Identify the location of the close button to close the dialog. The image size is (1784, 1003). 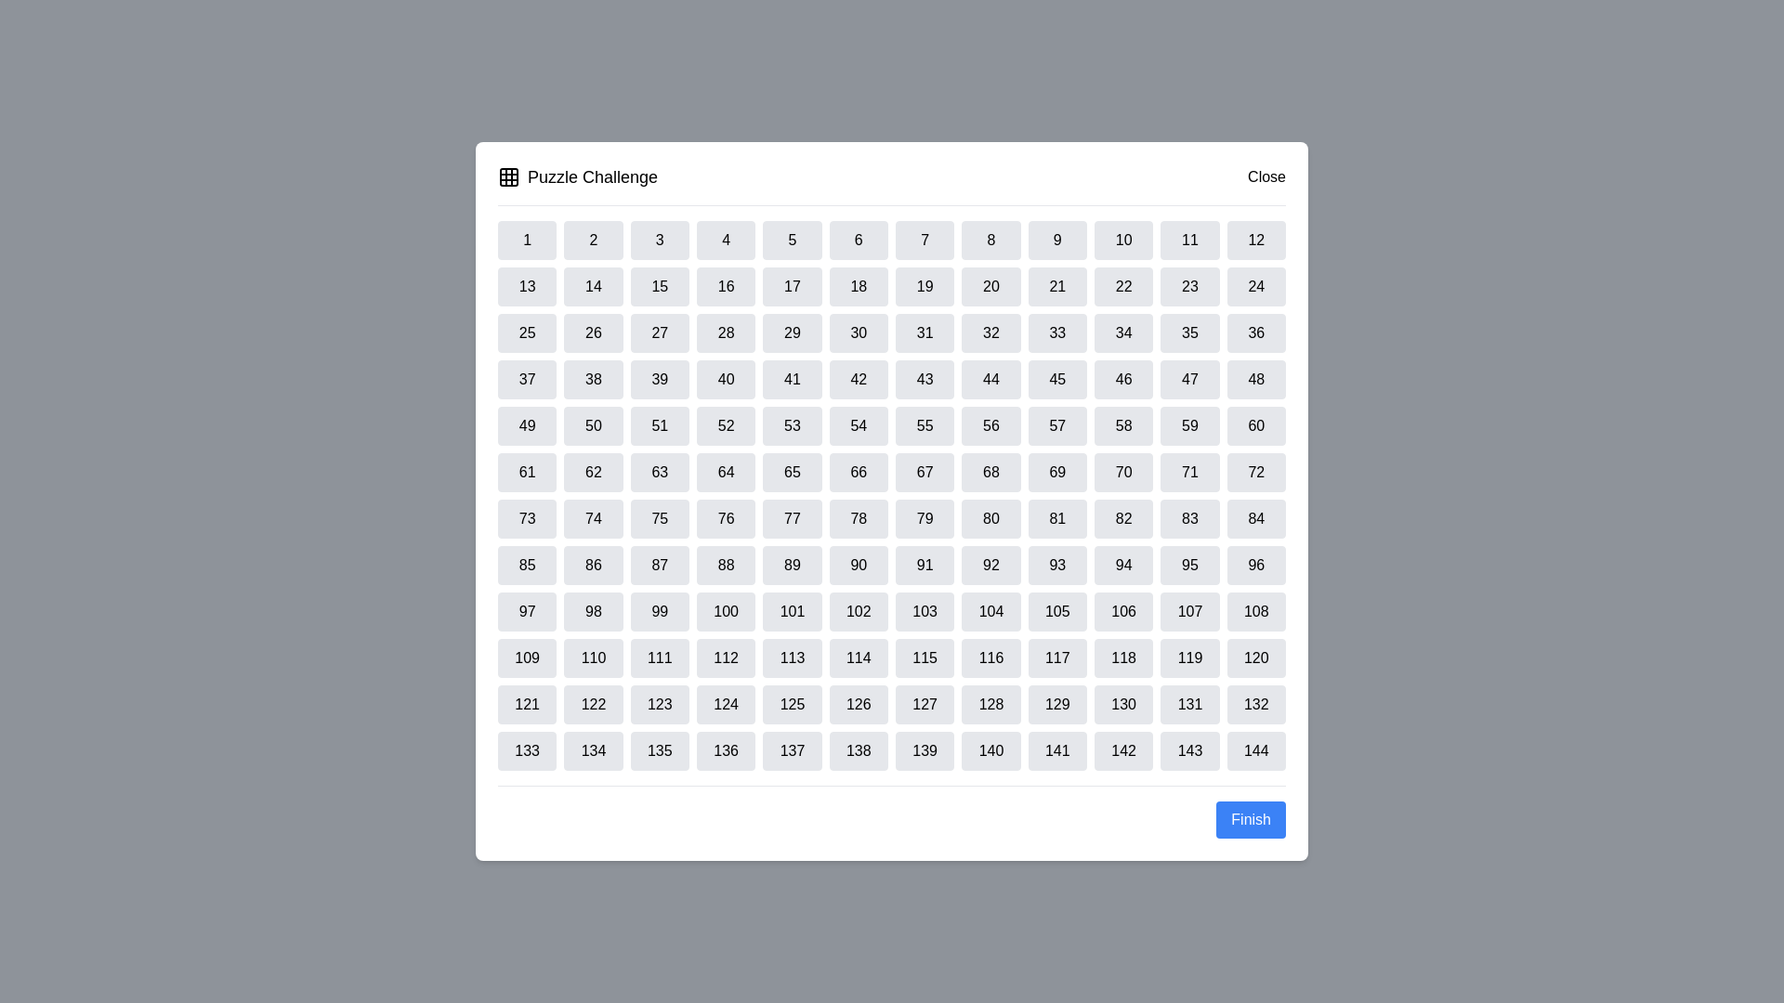
(1266, 177).